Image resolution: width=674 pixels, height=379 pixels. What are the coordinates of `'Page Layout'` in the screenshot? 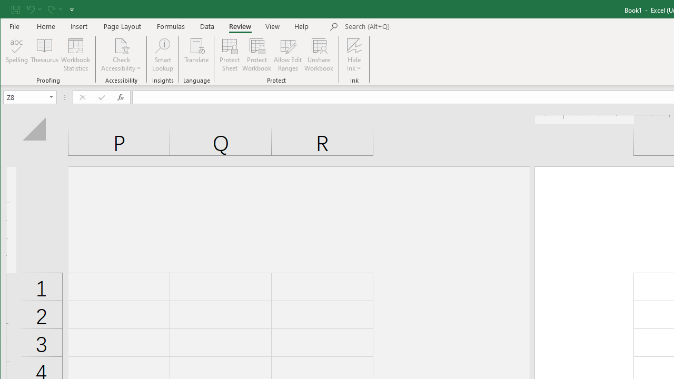 It's located at (122, 26).